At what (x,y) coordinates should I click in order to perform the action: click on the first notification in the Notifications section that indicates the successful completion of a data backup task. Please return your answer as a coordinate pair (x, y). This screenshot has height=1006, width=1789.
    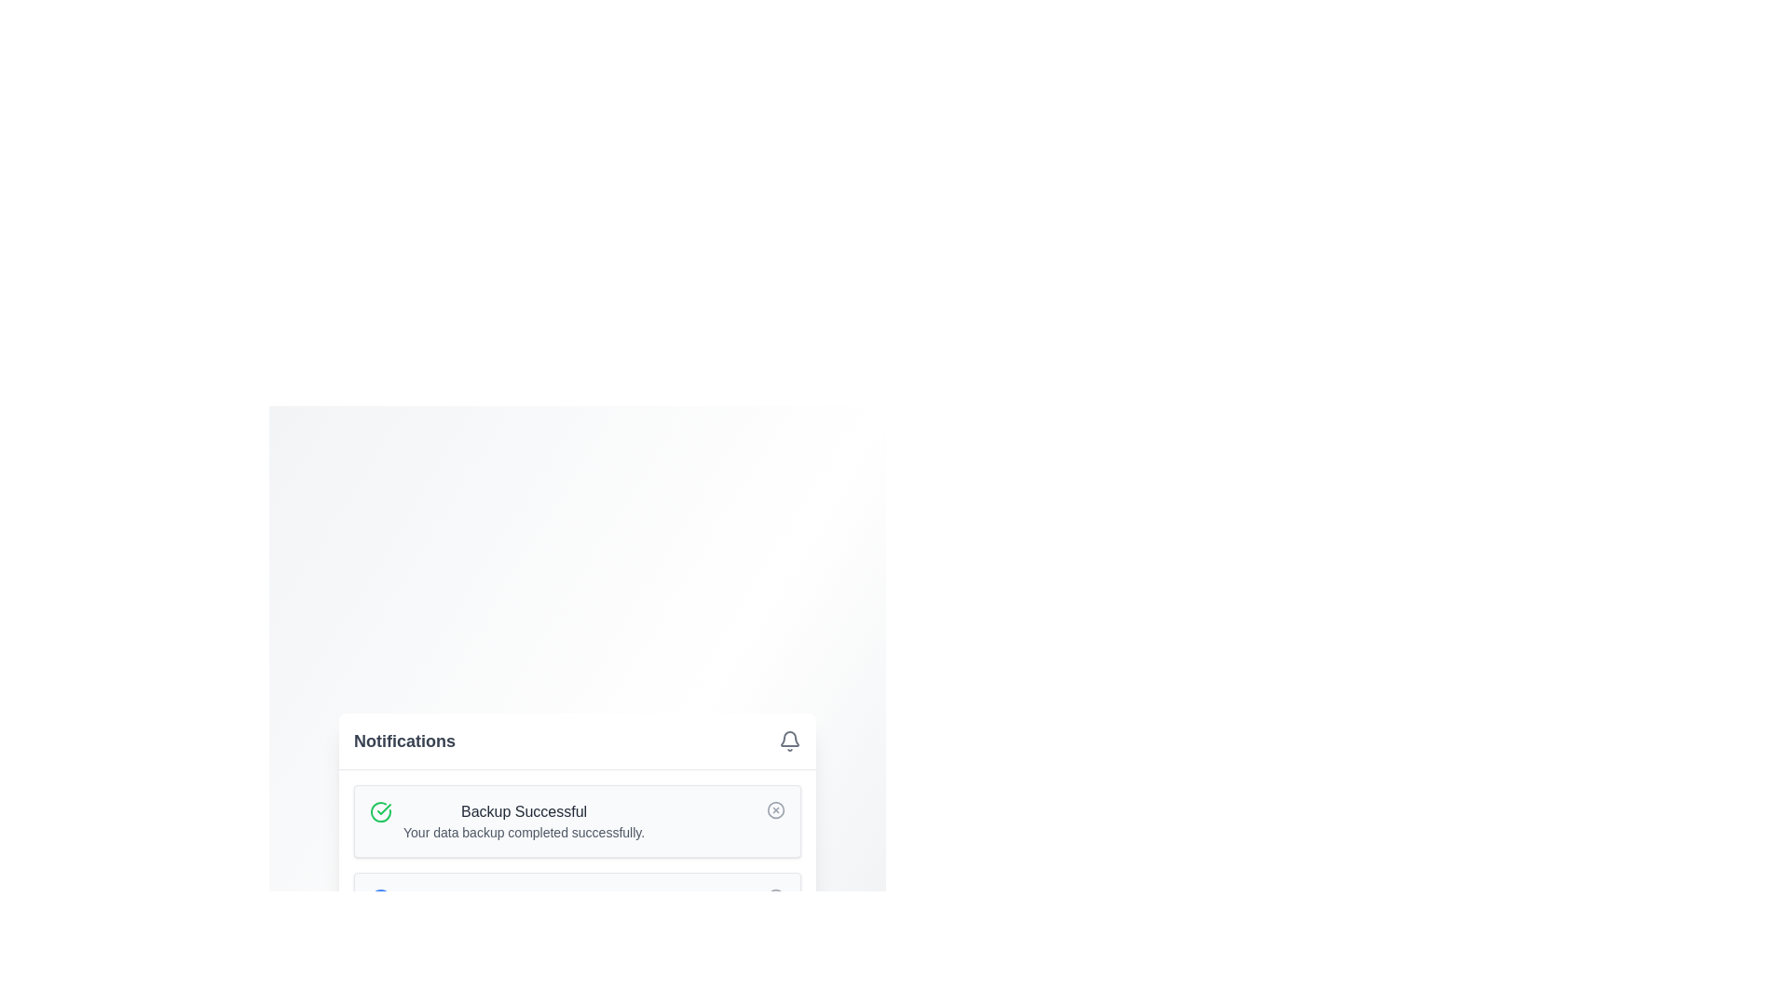
    Looking at the image, I should click on (576, 821).